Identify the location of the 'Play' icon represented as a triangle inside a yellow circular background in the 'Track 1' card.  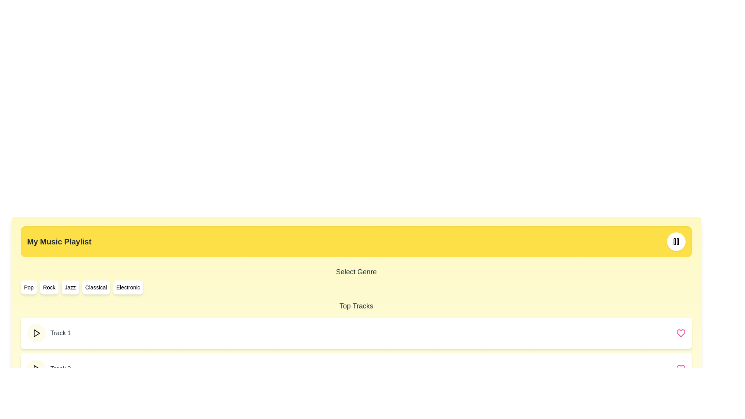
(36, 333).